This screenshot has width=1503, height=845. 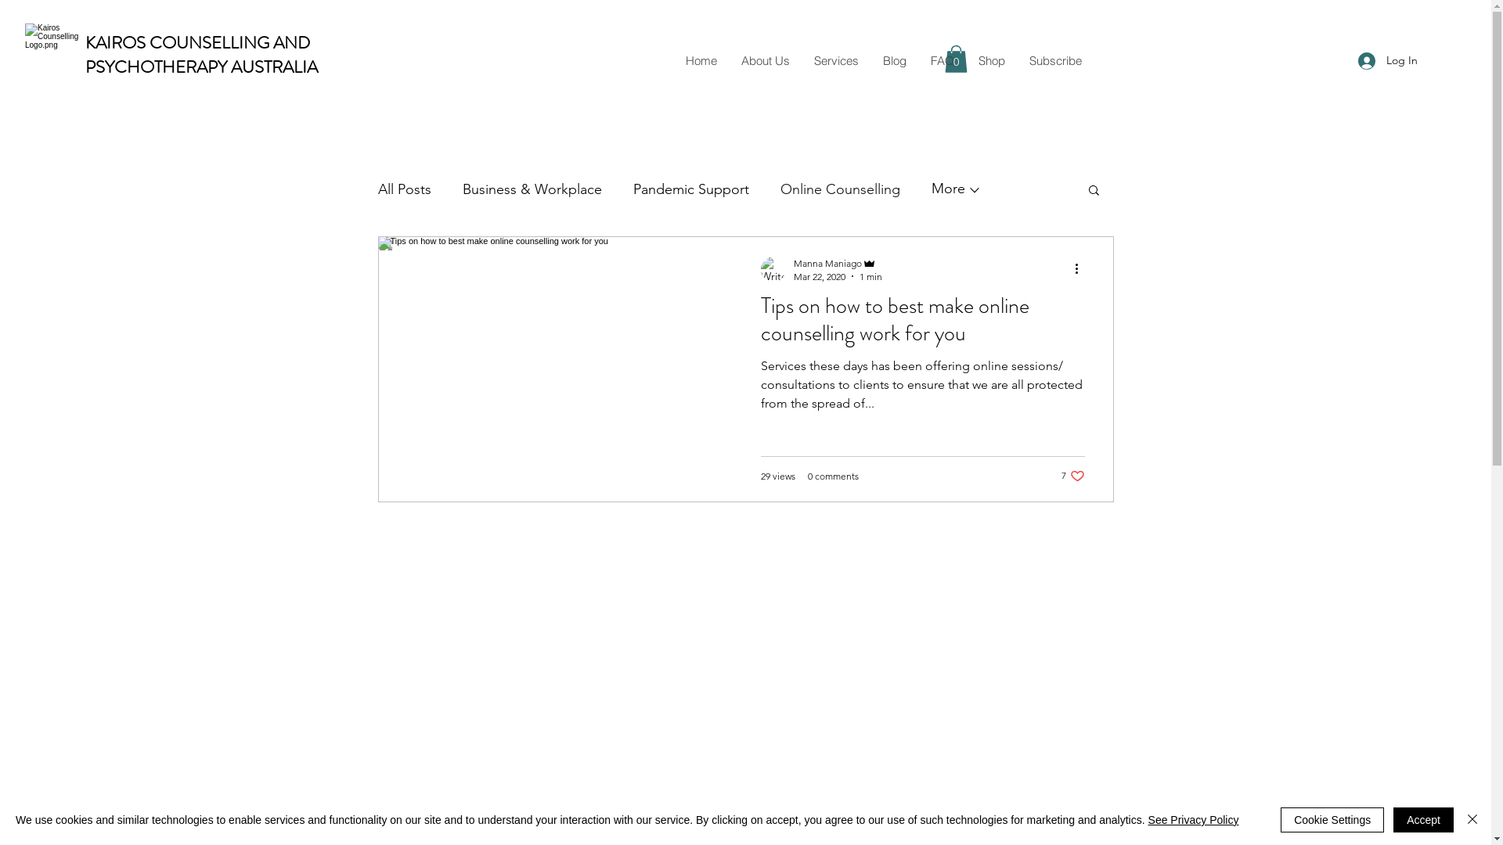 What do you see at coordinates (200, 53) in the screenshot?
I see `'KAIROS COUNSELLING AND PSYCHOTHERAPY AUSTRALIA'` at bounding box center [200, 53].